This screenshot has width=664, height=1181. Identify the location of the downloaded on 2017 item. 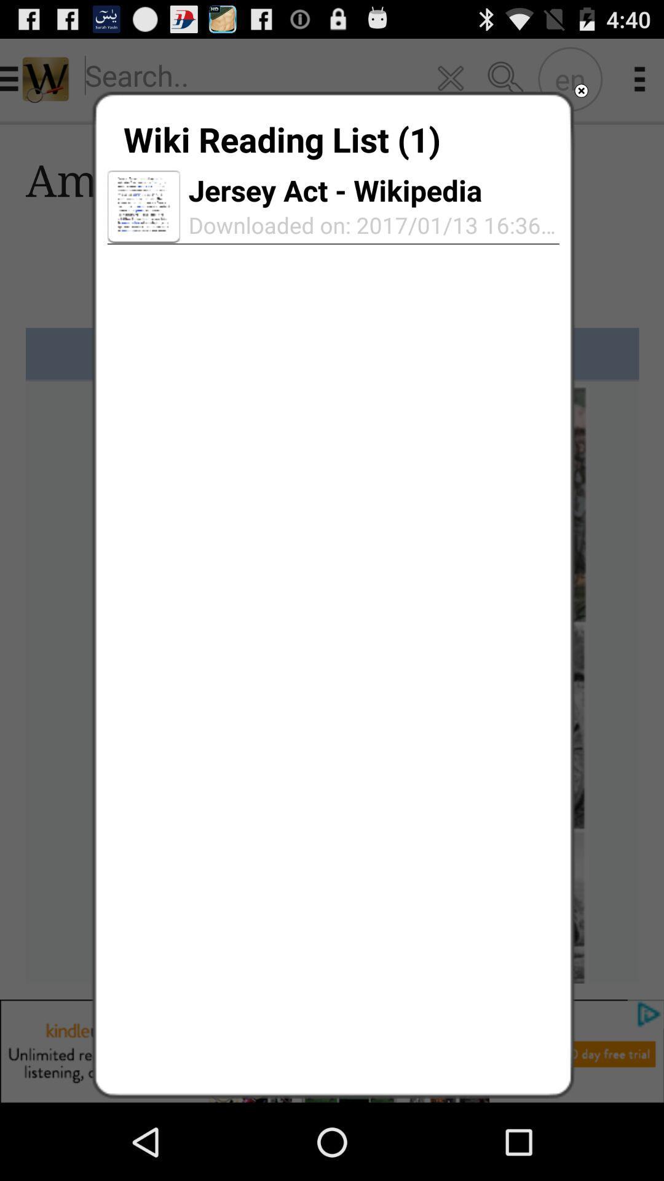
(369, 225).